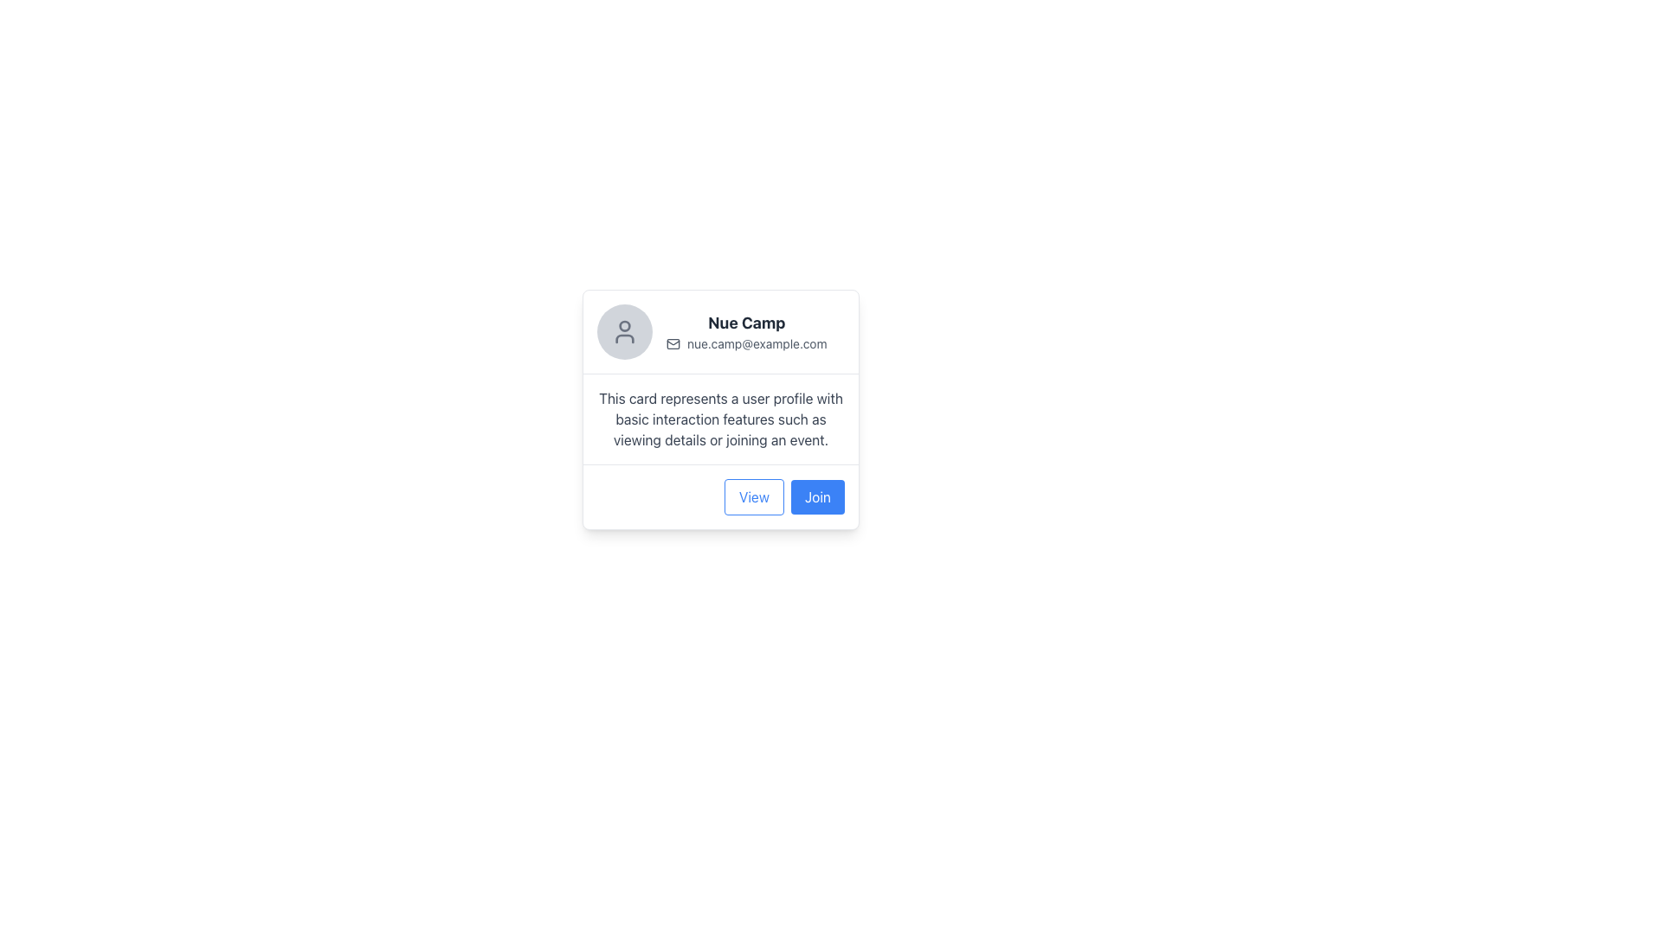 Image resolution: width=1662 pixels, height=934 pixels. Describe the element at coordinates (623, 326) in the screenshot. I see `the circular head icon within the user avatar located at the top-left corner of the user card displaying 'Nue Camp' and 'nue.camp@example.com'` at that location.